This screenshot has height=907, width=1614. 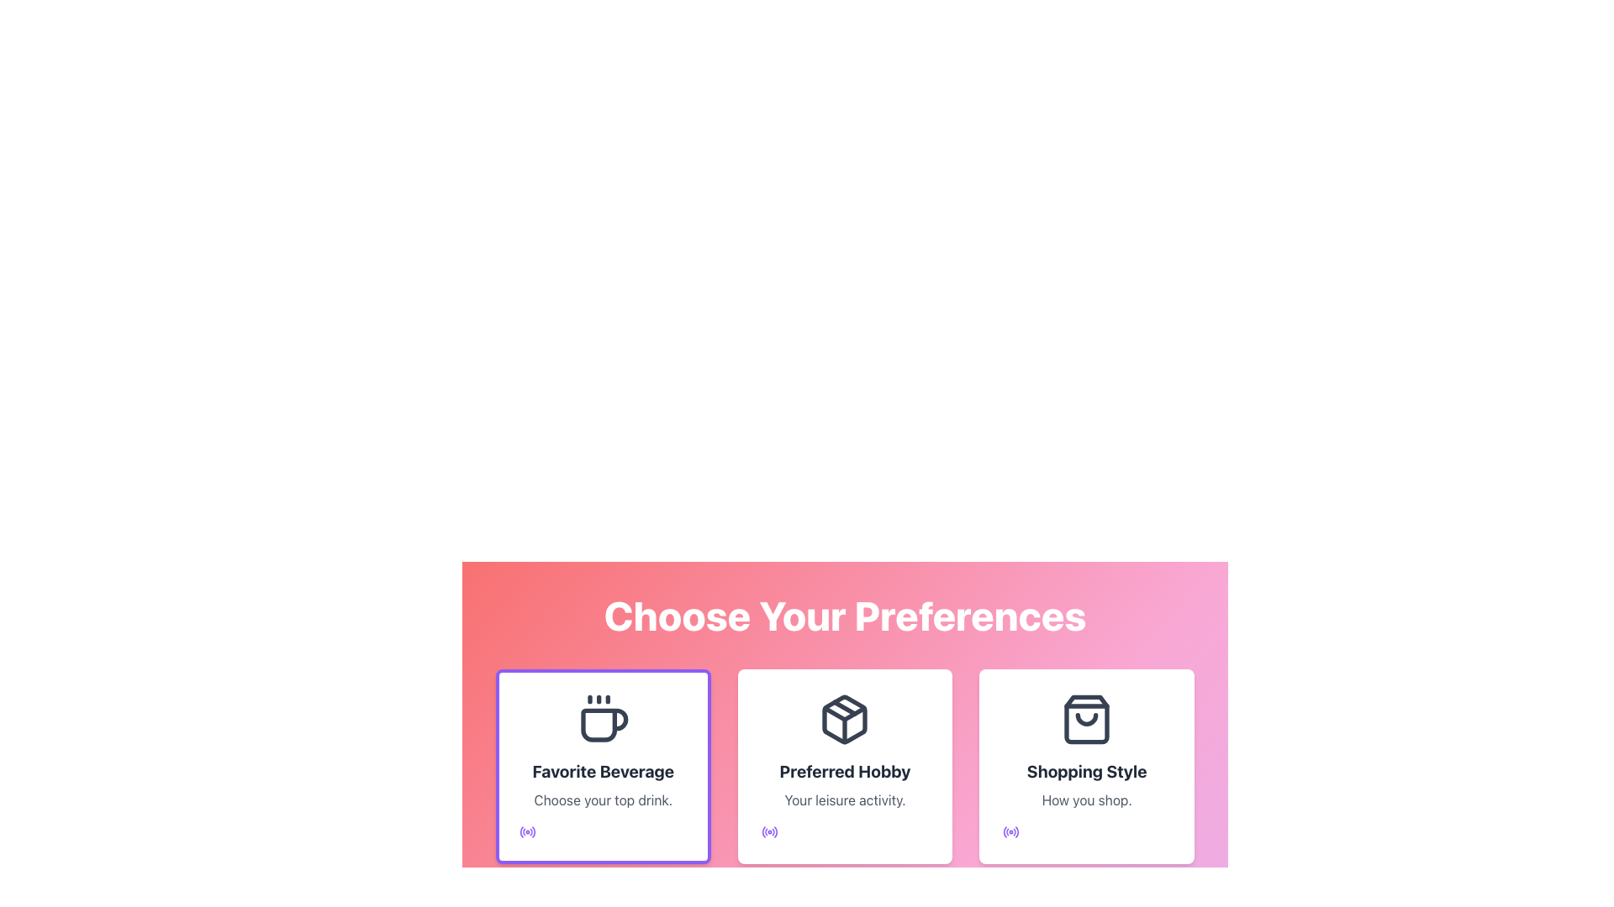 I want to click on text from the bold text label displaying 'Favorite Beverage' located in the first section of the card layout near the bottom right, so click(x=603, y=771).